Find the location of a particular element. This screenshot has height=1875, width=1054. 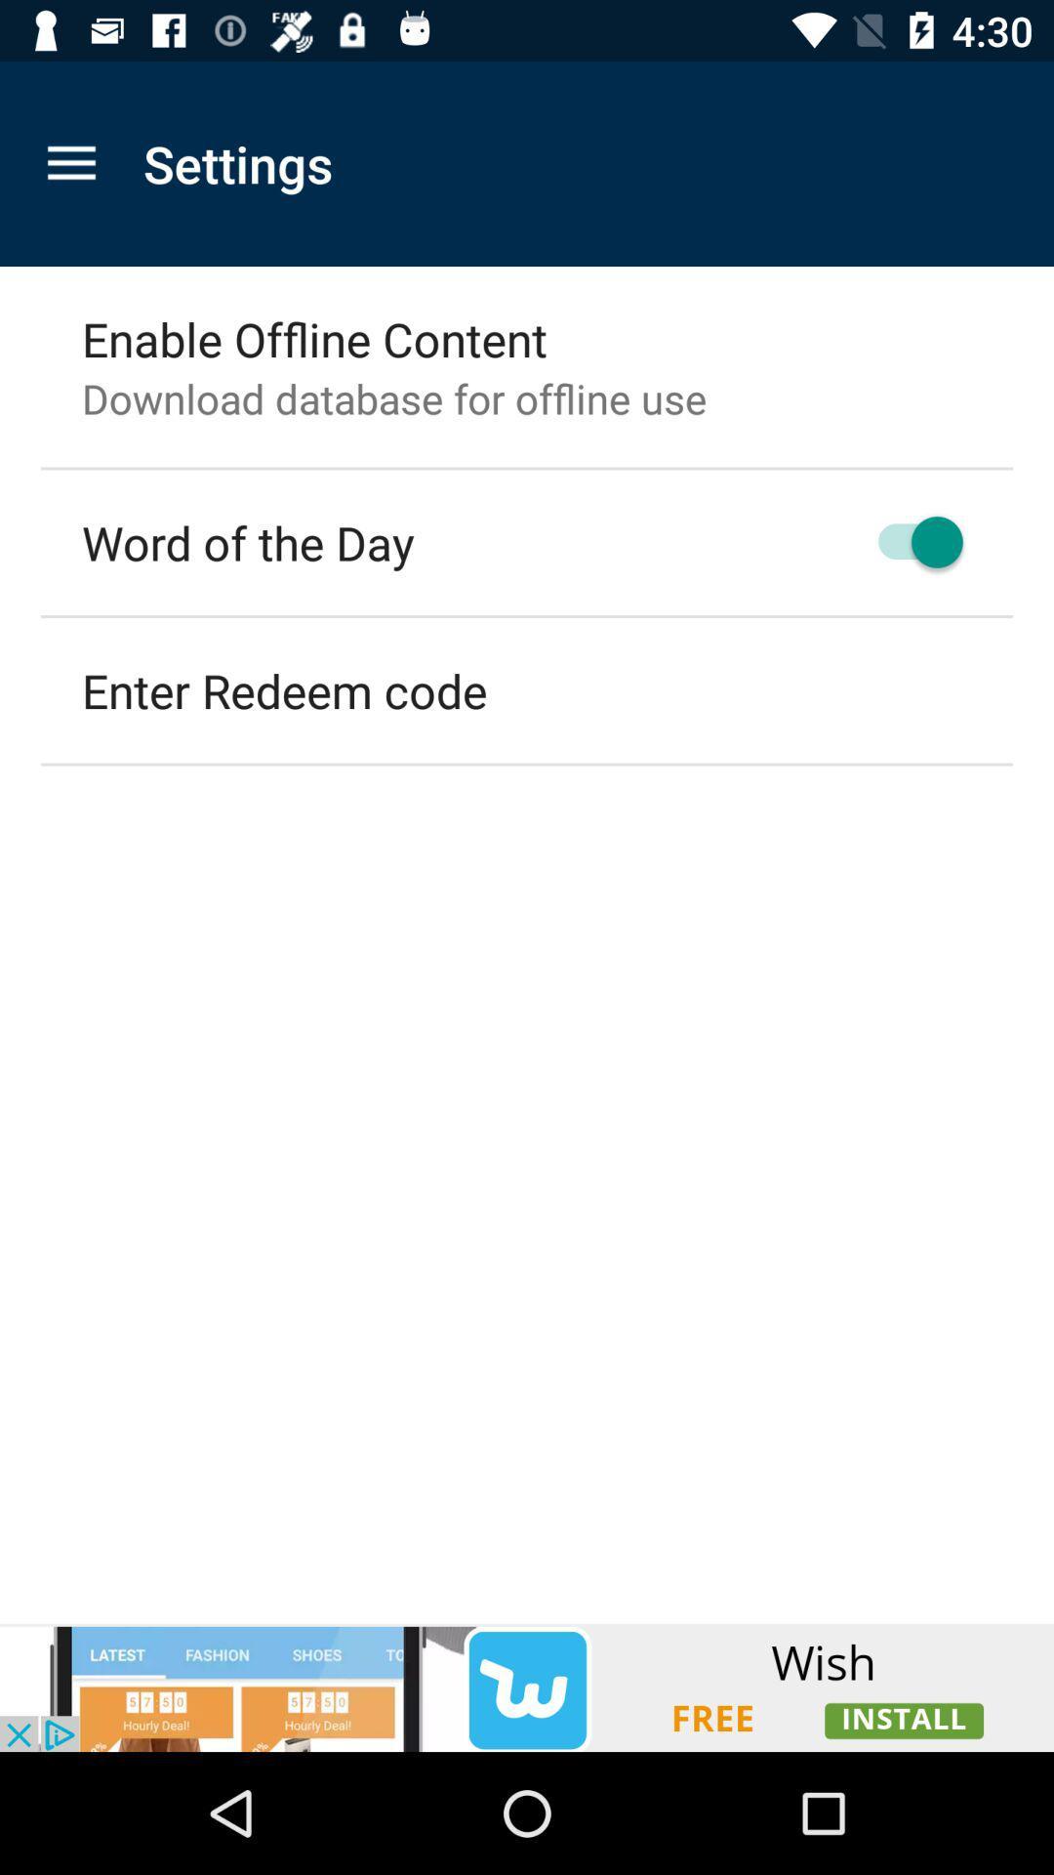

open wish advertisement is located at coordinates (527, 1687).